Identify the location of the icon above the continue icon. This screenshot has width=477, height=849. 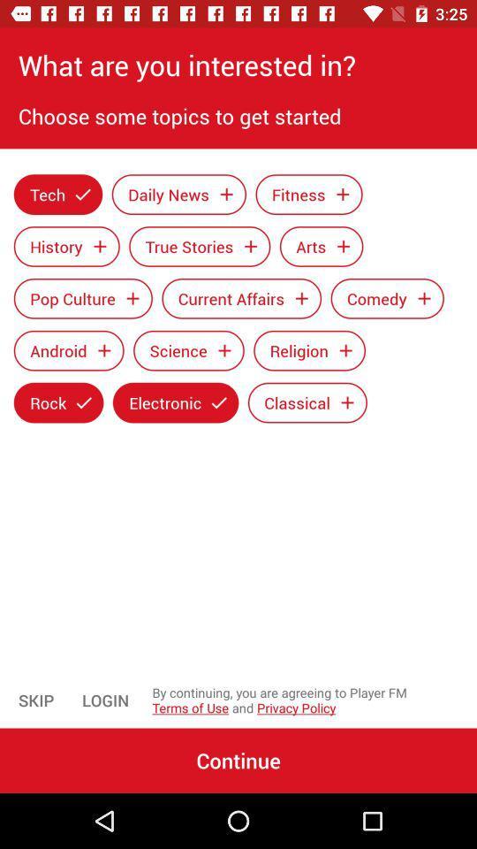
(105, 700).